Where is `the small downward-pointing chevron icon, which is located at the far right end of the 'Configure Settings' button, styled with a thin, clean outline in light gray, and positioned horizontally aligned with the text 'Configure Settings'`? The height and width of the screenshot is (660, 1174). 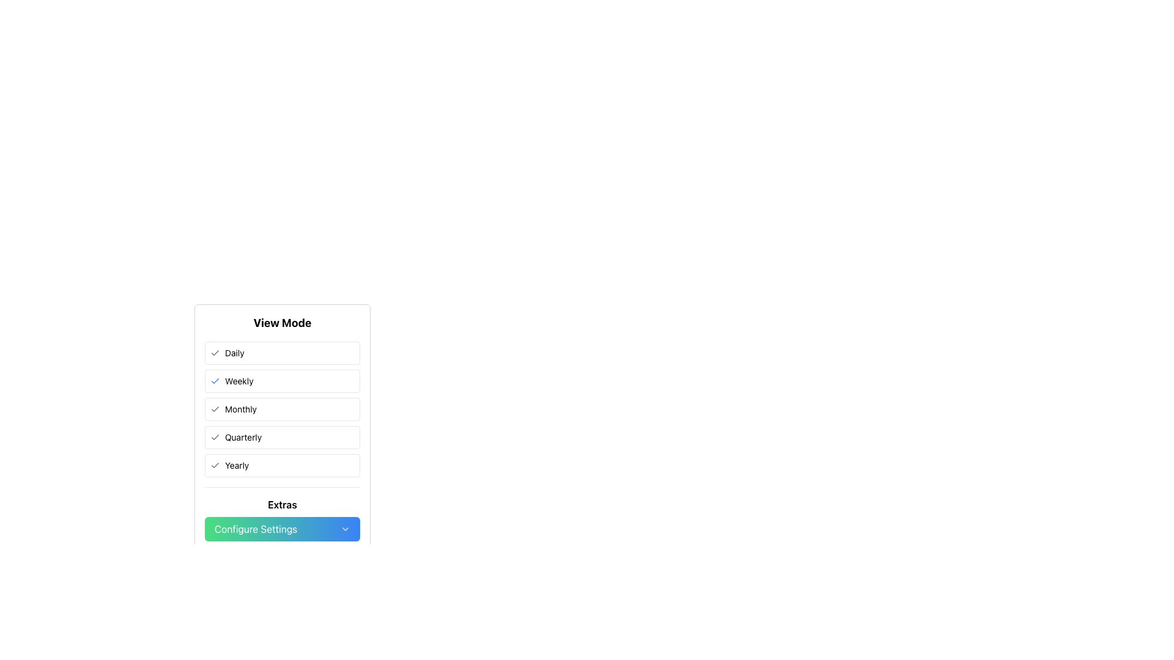 the small downward-pointing chevron icon, which is located at the far right end of the 'Configure Settings' button, styled with a thin, clean outline in light gray, and positioned horizontally aligned with the text 'Configure Settings' is located at coordinates (345, 529).